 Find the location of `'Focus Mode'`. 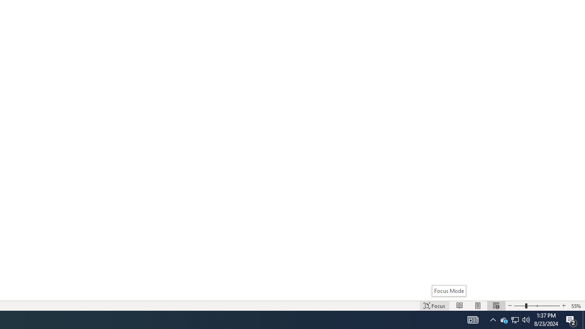

'Focus Mode' is located at coordinates (449, 291).